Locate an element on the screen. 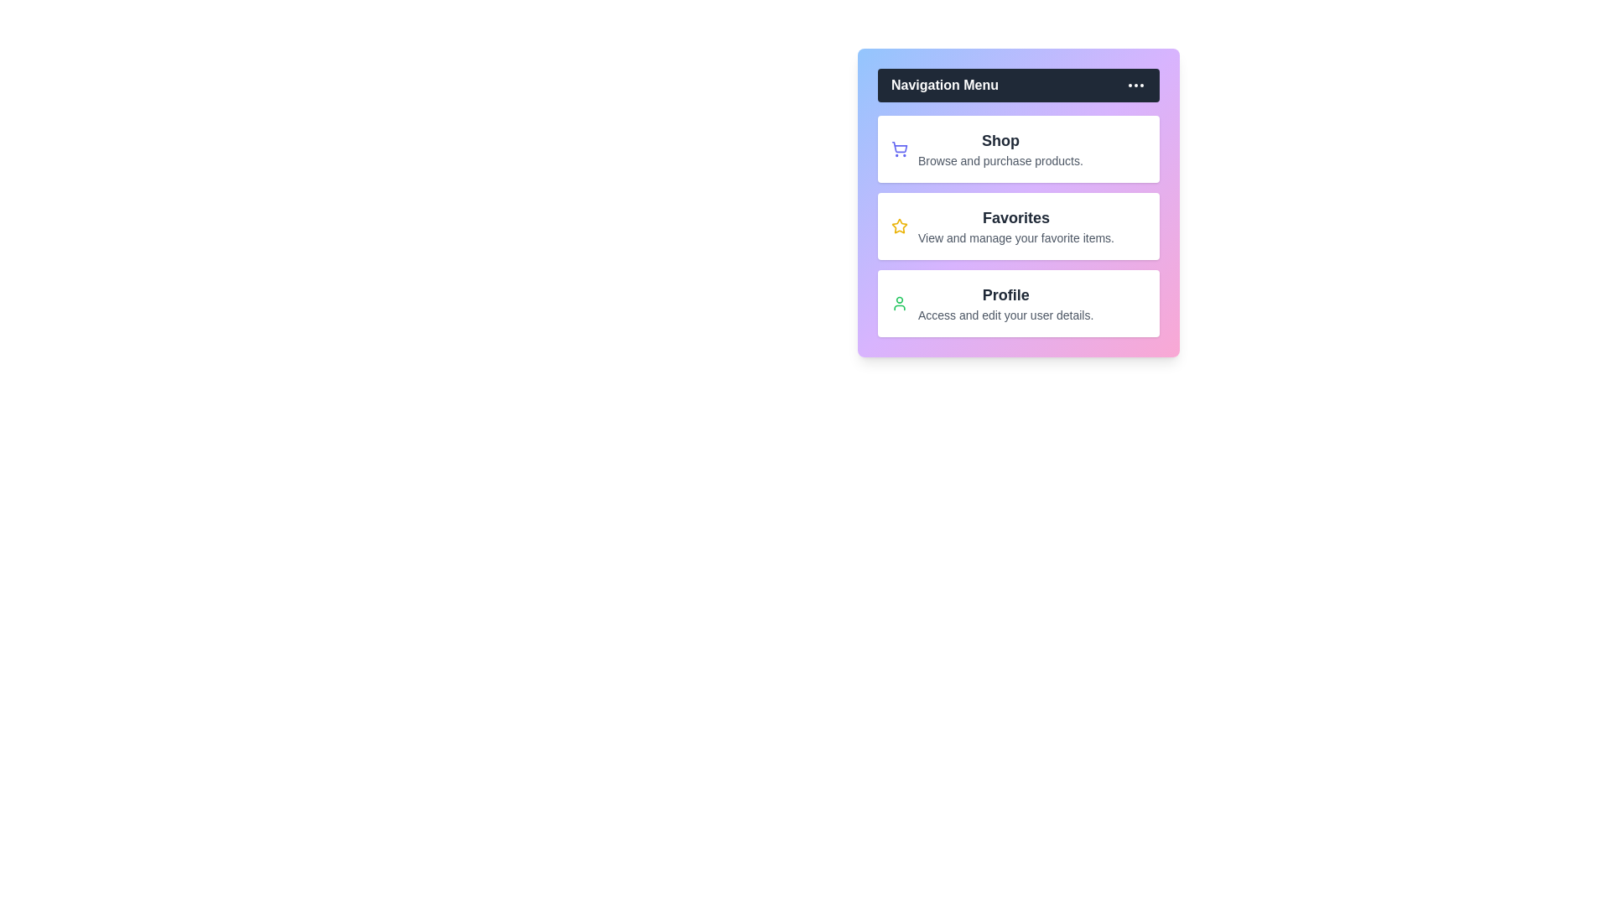  button labeled 'Navigation Menu' to toggle the visibility of the menu is located at coordinates (1017, 85).